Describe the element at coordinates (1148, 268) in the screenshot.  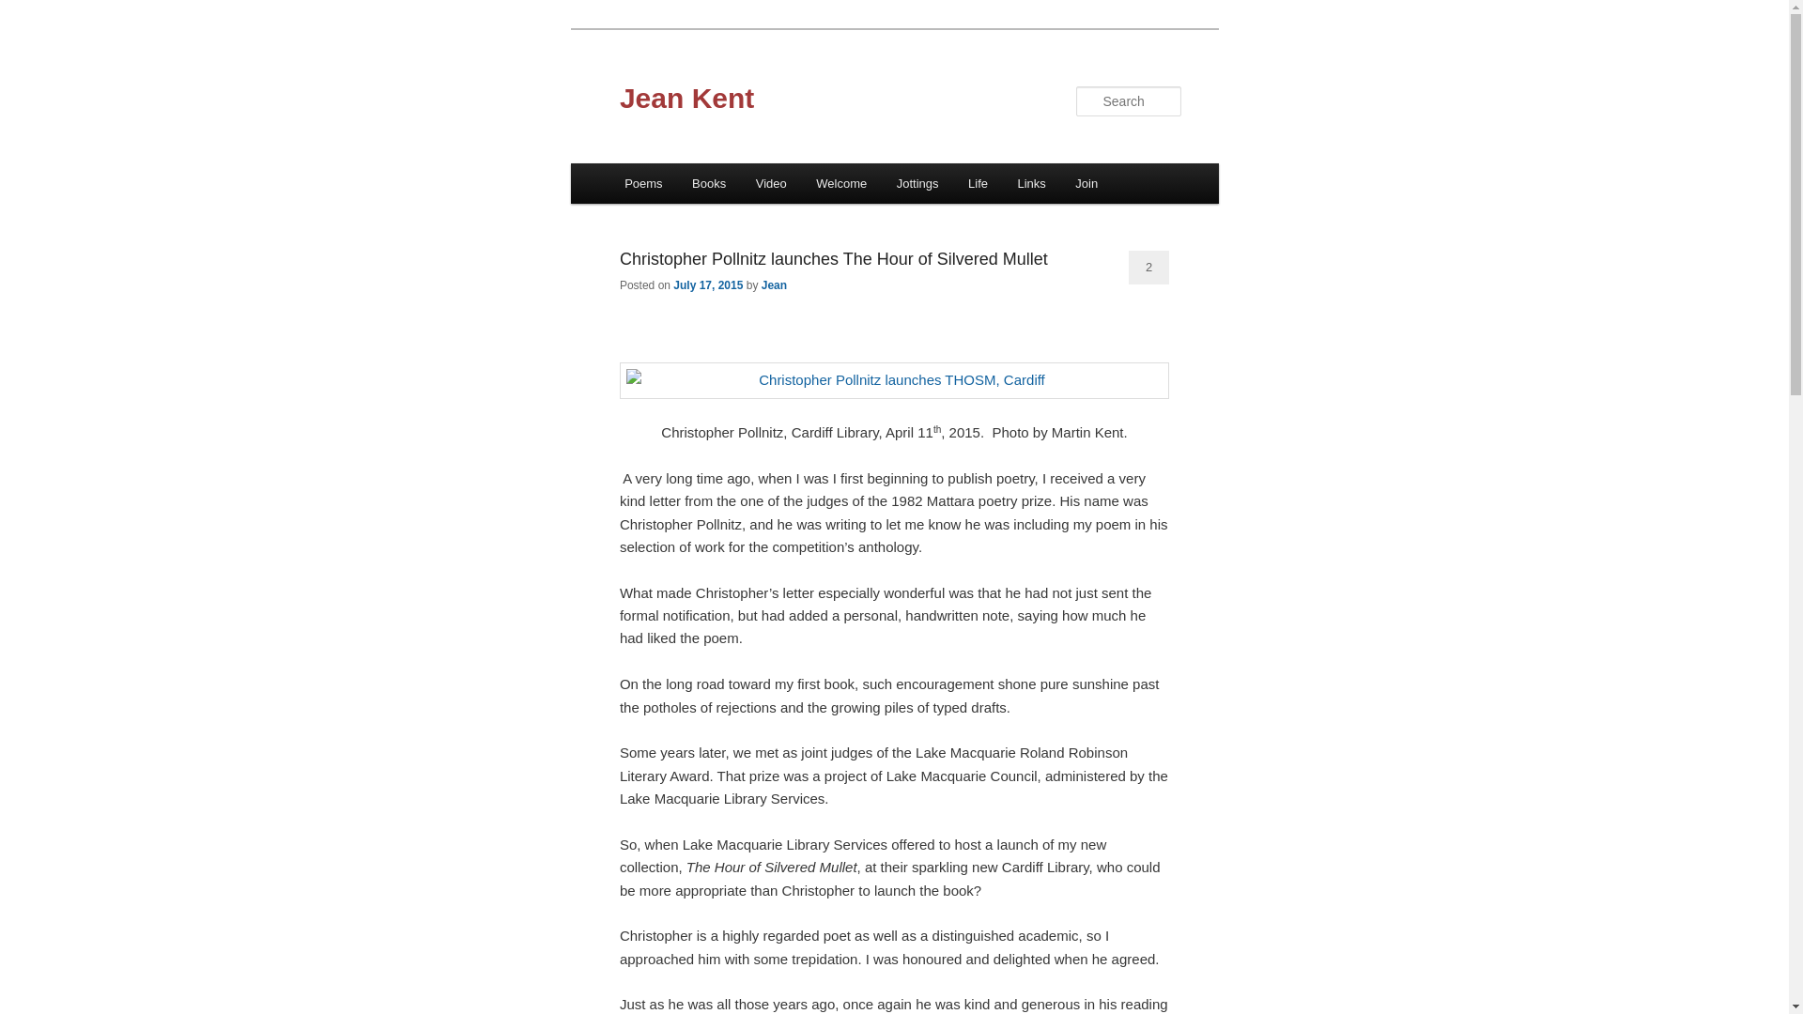
I see `'2'` at that location.